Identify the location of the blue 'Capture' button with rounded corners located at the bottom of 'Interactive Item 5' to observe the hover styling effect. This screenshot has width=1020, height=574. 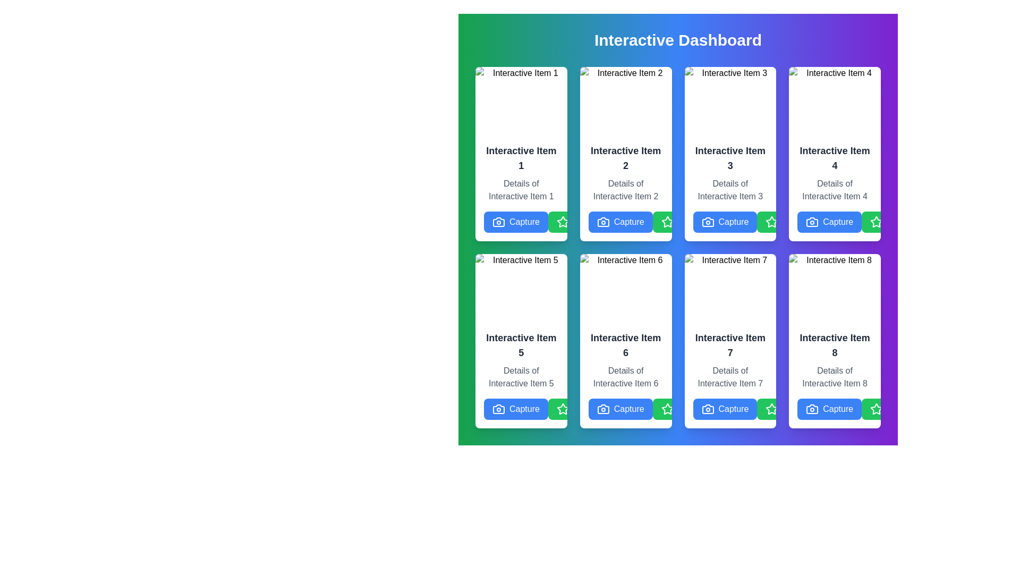
(516, 409).